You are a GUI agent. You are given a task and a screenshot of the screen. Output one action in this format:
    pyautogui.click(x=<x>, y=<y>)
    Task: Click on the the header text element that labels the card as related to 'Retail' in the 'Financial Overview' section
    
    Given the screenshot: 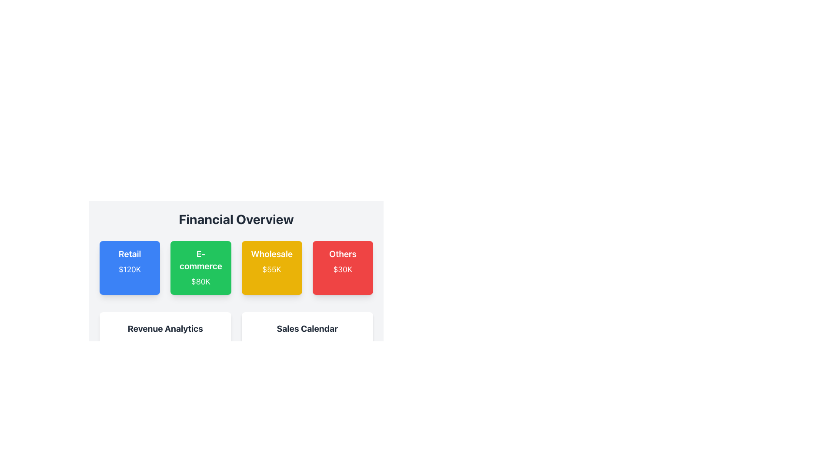 What is the action you would take?
    pyautogui.click(x=129, y=254)
    